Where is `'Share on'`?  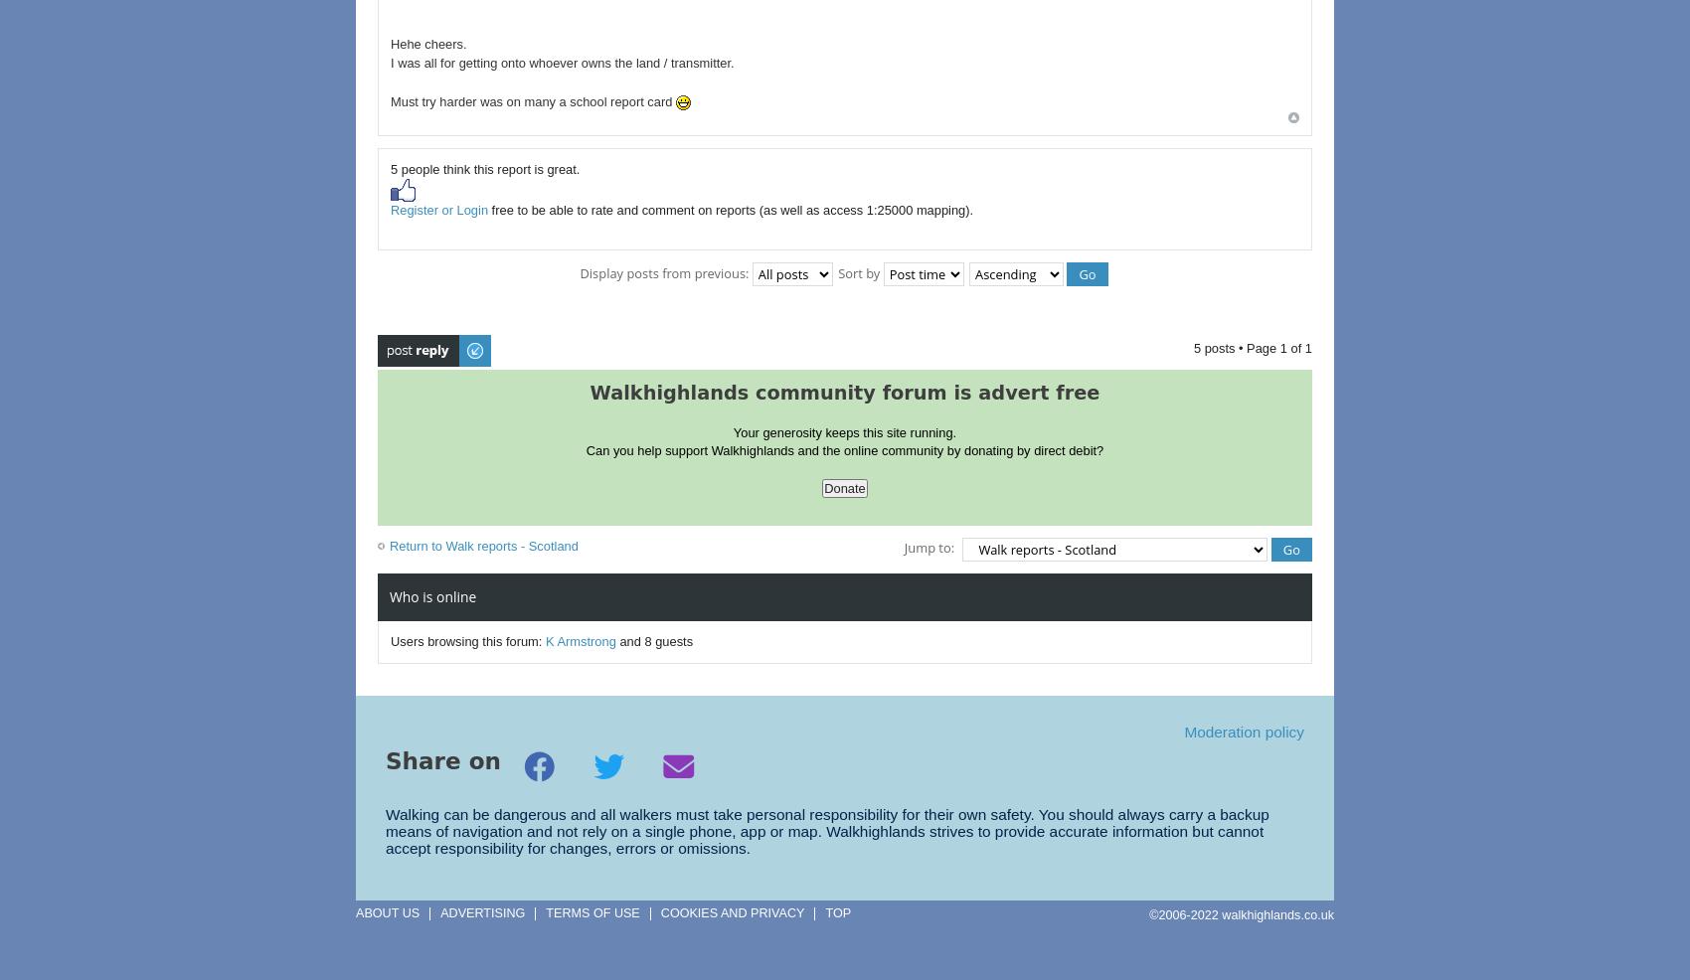
'Share on' is located at coordinates (446, 761).